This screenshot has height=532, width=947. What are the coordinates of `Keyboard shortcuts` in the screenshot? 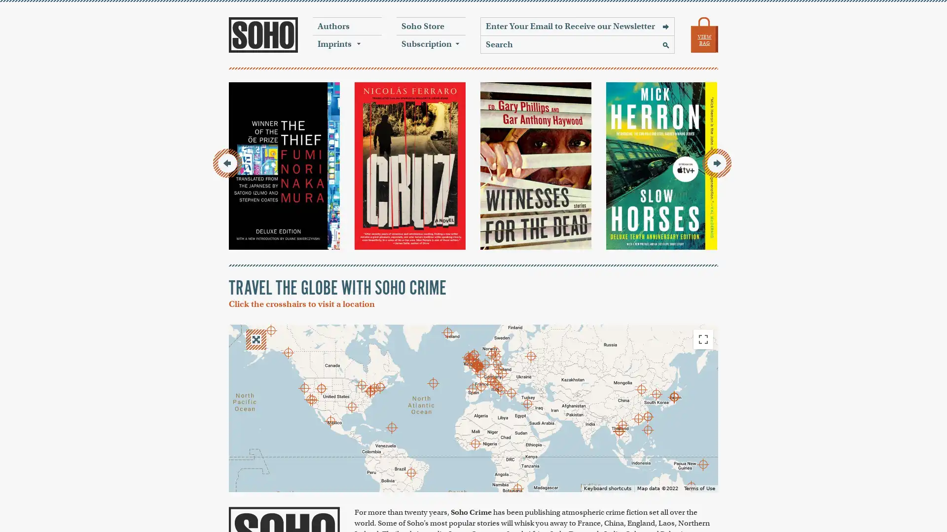 It's located at (617, 488).